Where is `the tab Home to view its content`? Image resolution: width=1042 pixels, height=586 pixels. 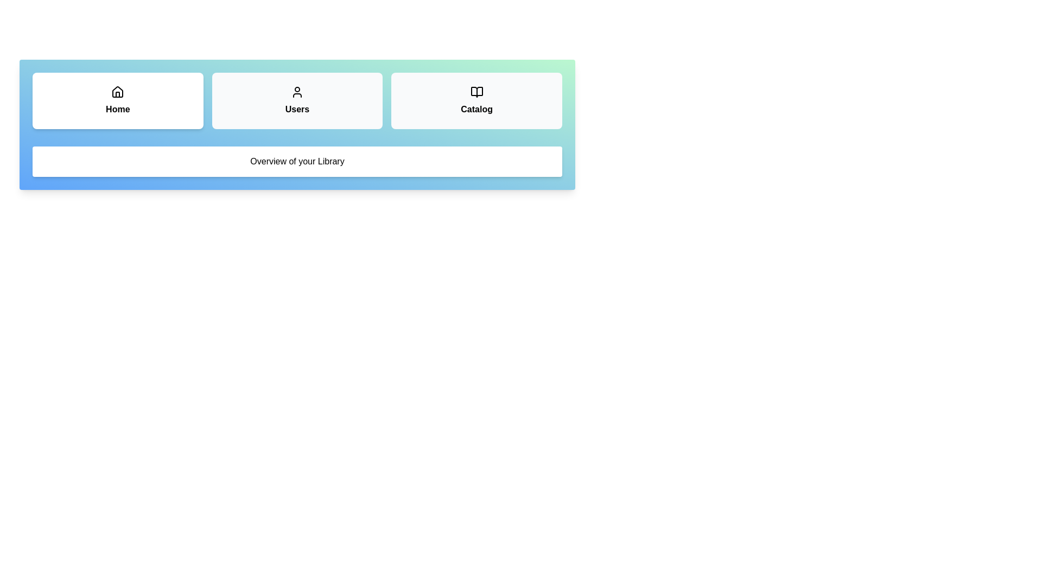 the tab Home to view its content is located at coordinates (117, 100).